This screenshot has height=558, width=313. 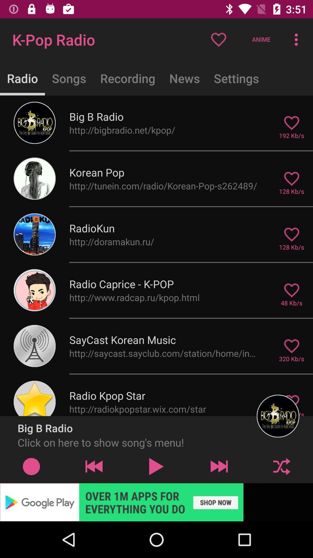 I want to click on the av_rewind icon, so click(x=94, y=466).